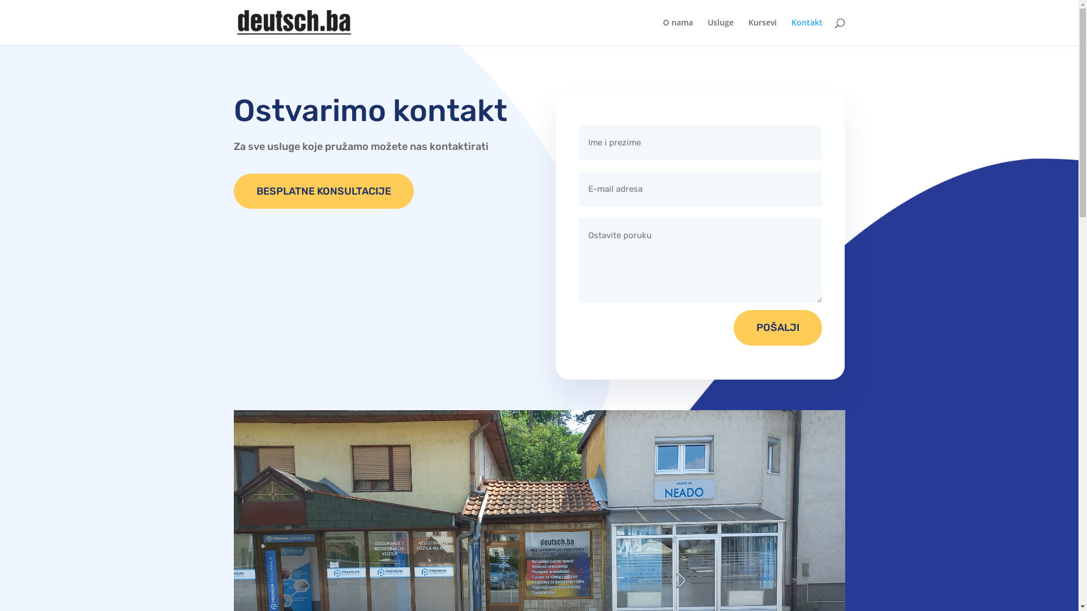 The width and height of the screenshot is (1087, 611). What do you see at coordinates (763, 31) in the screenshot?
I see `'Kursevi'` at bounding box center [763, 31].